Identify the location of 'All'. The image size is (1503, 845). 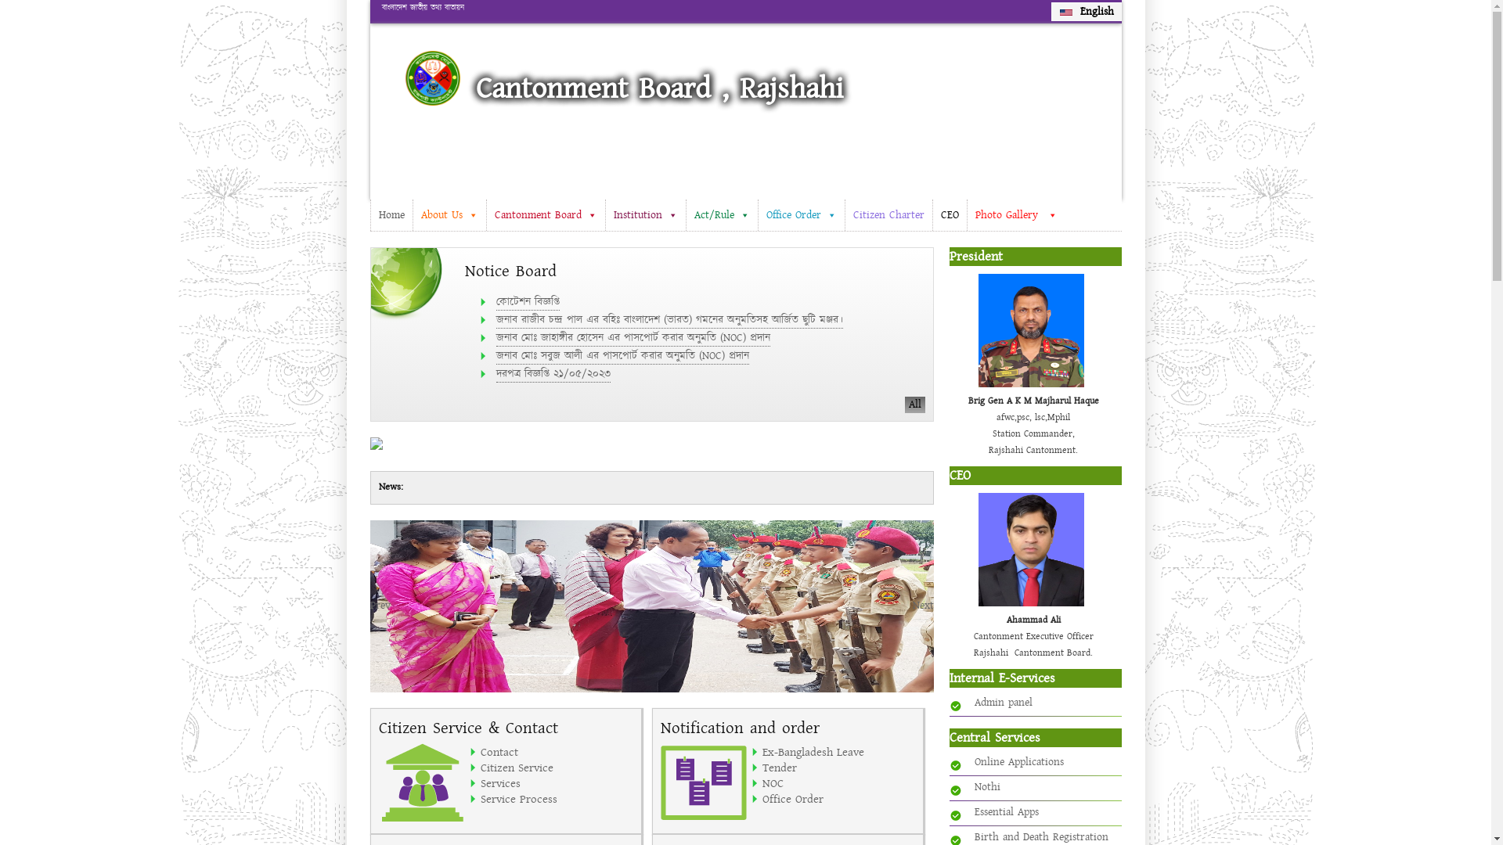
(915, 404).